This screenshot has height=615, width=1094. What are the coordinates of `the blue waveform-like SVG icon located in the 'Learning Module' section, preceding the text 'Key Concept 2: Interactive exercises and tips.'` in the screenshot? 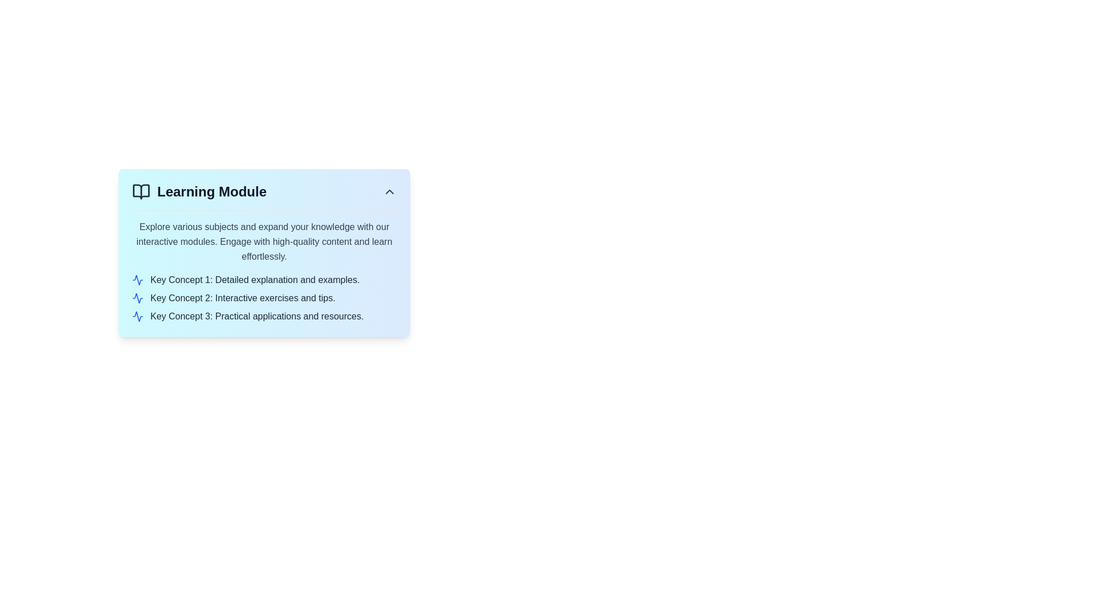 It's located at (137, 298).